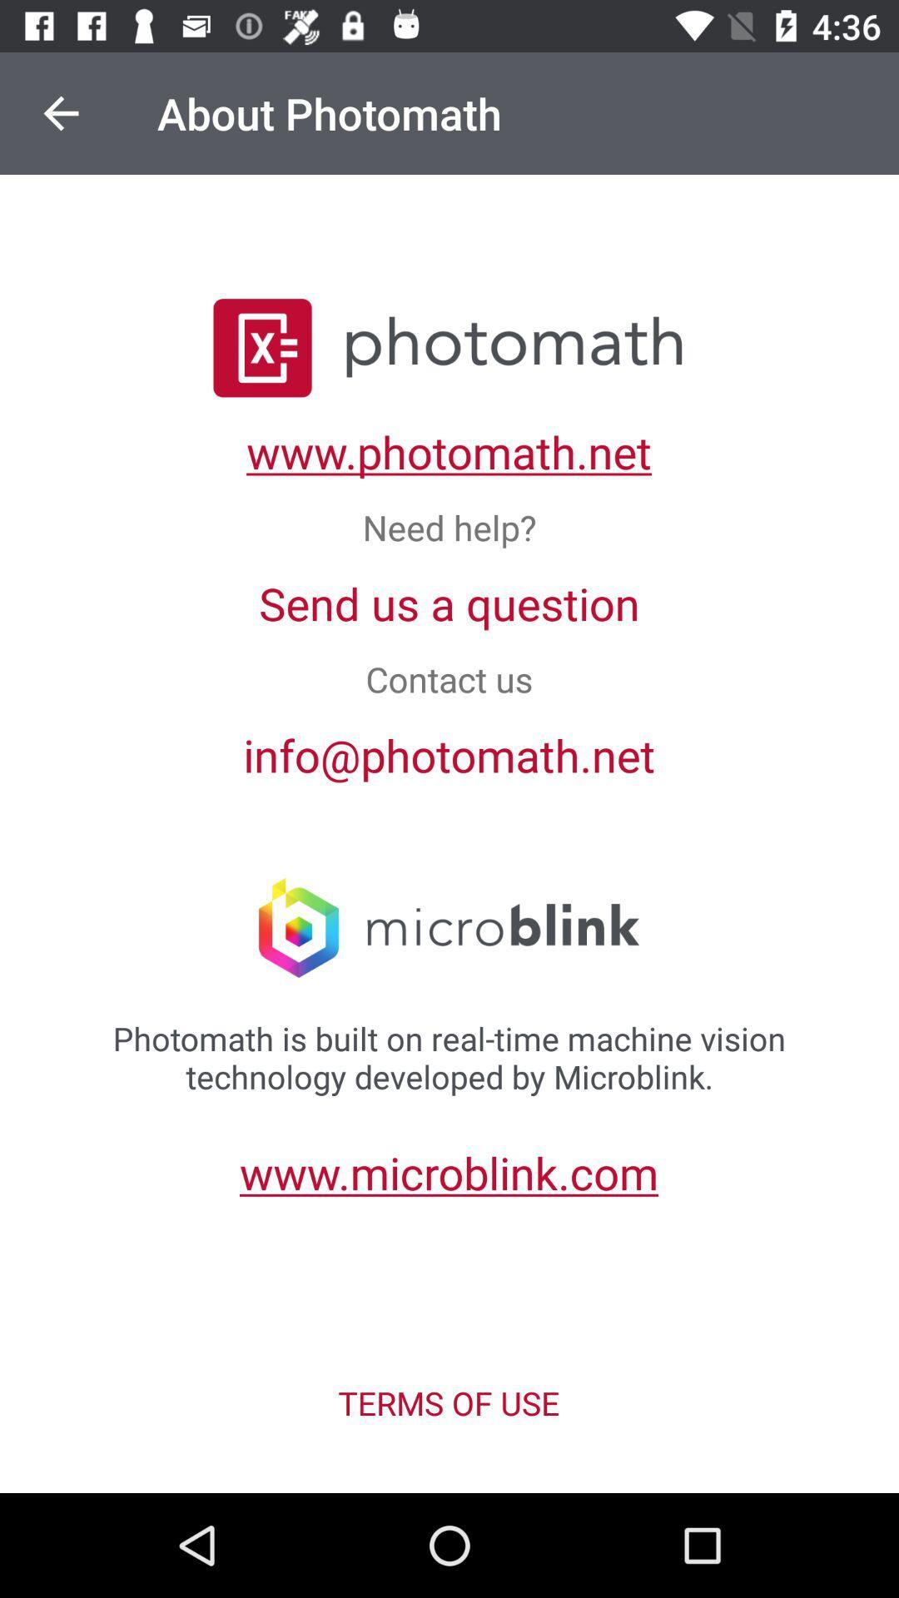 The height and width of the screenshot is (1598, 899). Describe the element at coordinates (60, 112) in the screenshot. I see `icon to the left of about photomath item` at that location.